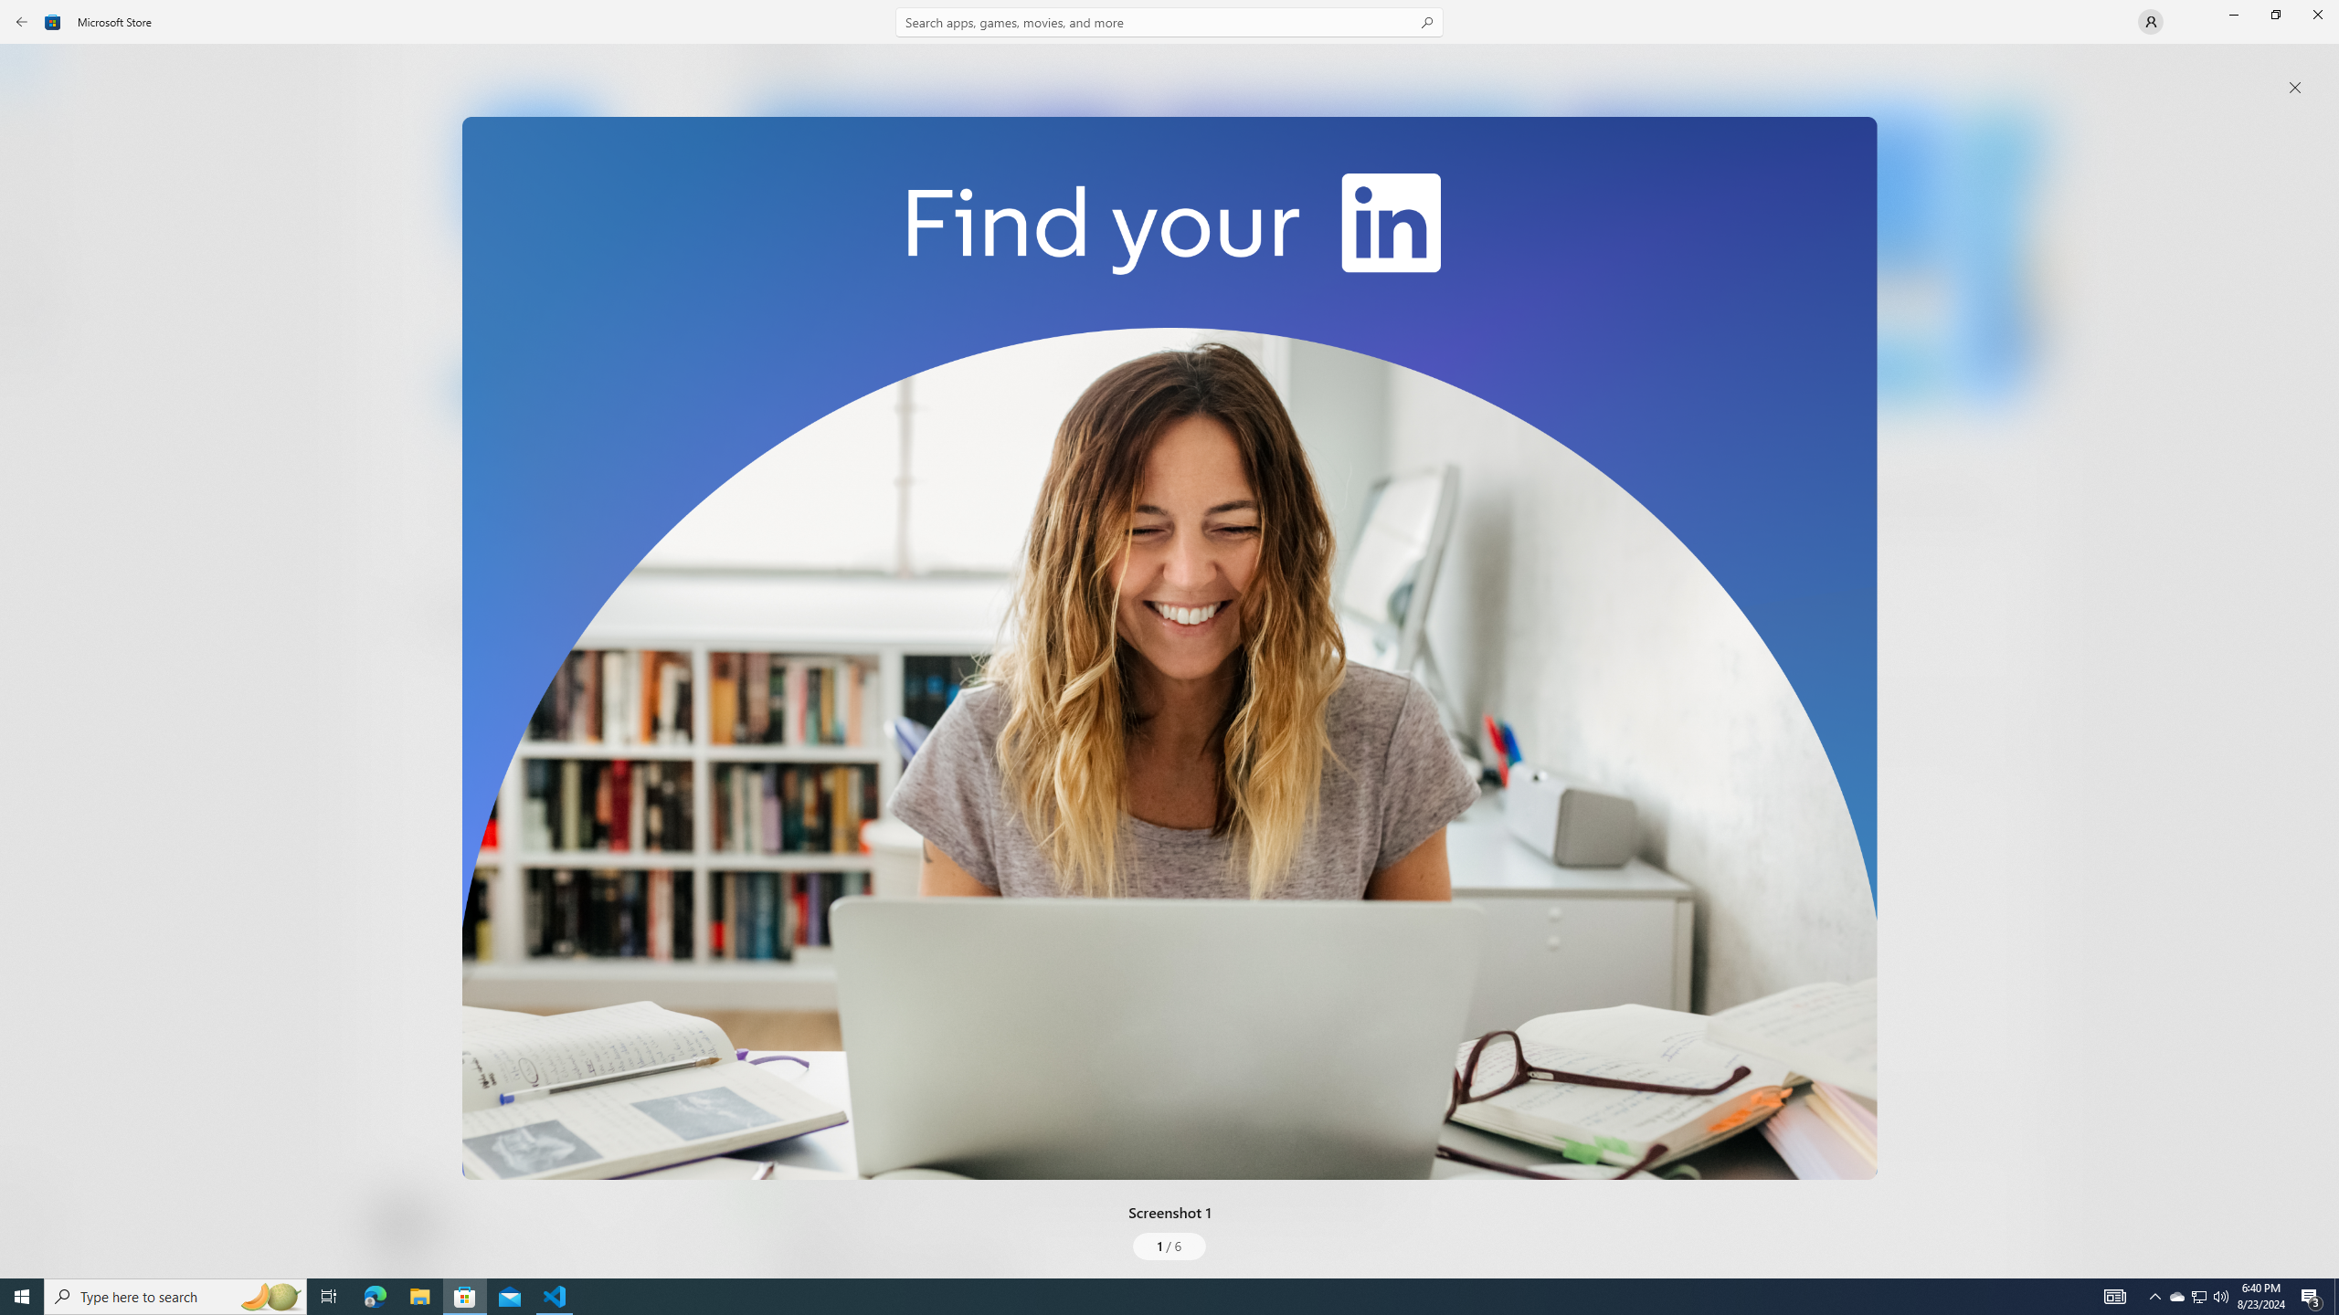 The width and height of the screenshot is (2339, 1315). I want to click on 'Arcade', so click(31, 241).